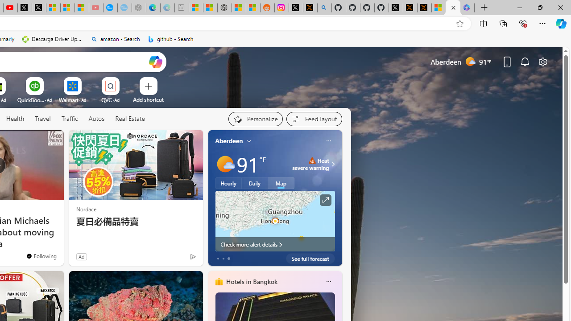  What do you see at coordinates (255, 119) in the screenshot?
I see `'Personalize your feed"'` at bounding box center [255, 119].